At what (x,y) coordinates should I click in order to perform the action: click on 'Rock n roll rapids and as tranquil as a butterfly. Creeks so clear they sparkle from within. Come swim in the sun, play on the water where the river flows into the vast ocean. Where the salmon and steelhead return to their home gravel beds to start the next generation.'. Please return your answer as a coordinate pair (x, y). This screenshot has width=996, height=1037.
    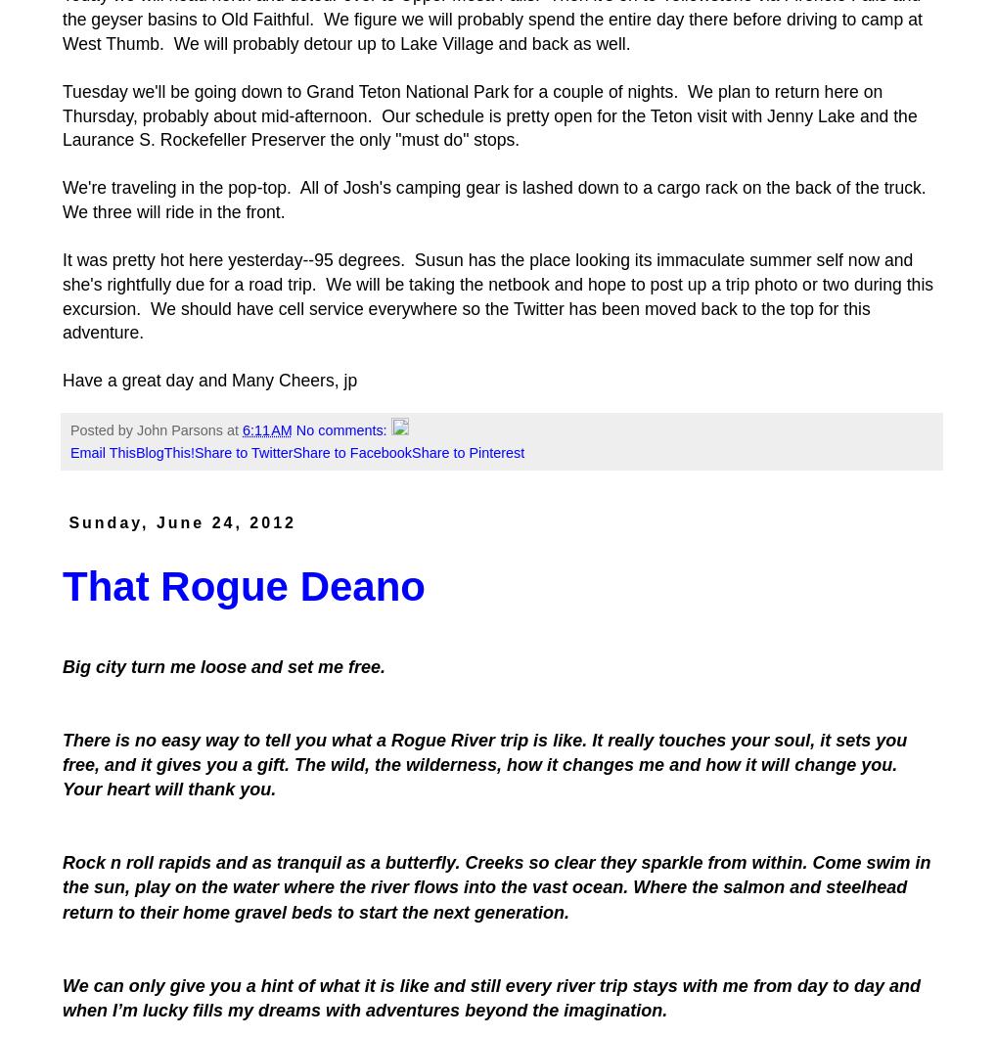
    Looking at the image, I should click on (496, 887).